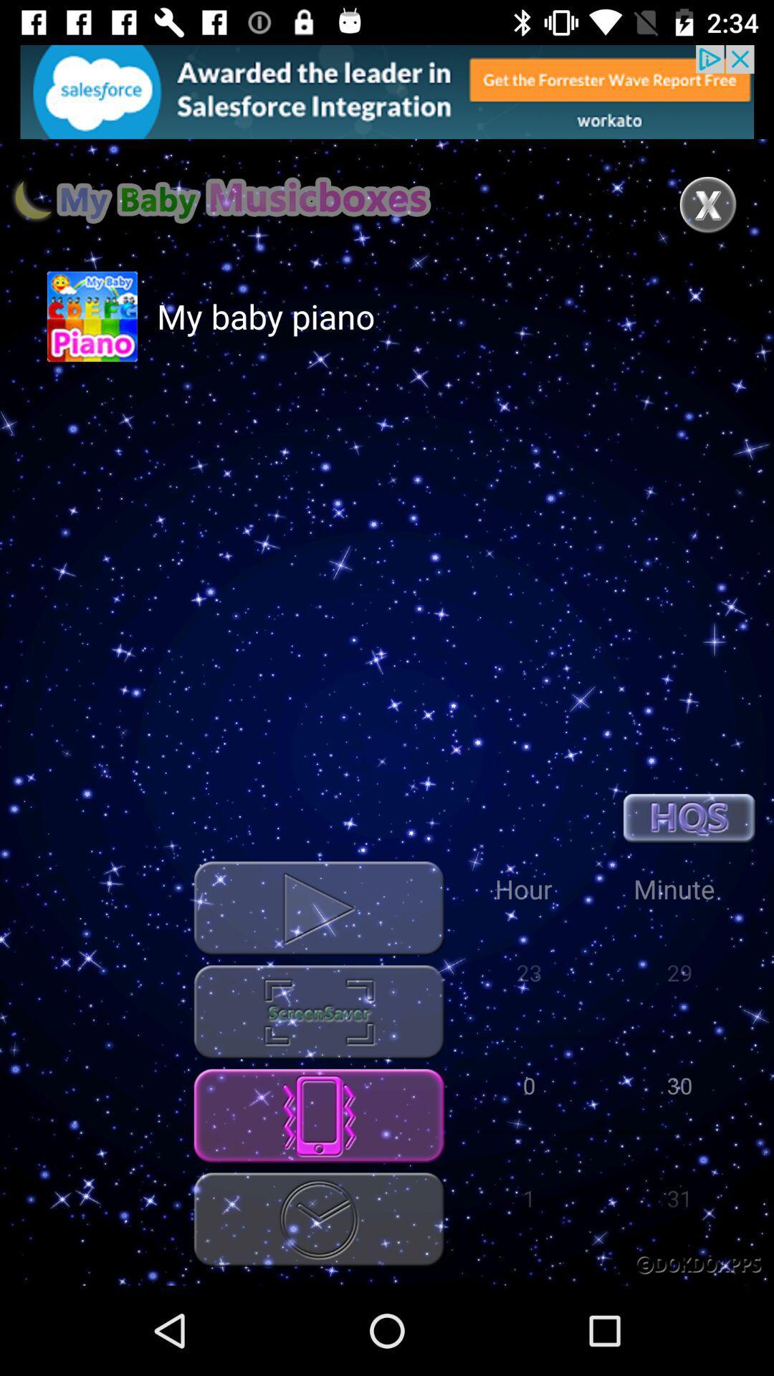 The height and width of the screenshot is (1376, 774). What do you see at coordinates (707, 204) in the screenshot?
I see `closes selection` at bounding box center [707, 204].